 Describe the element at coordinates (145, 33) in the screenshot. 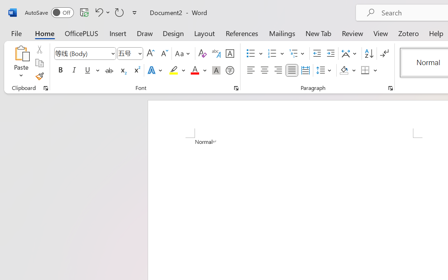

I see `'Draw'` at that location.